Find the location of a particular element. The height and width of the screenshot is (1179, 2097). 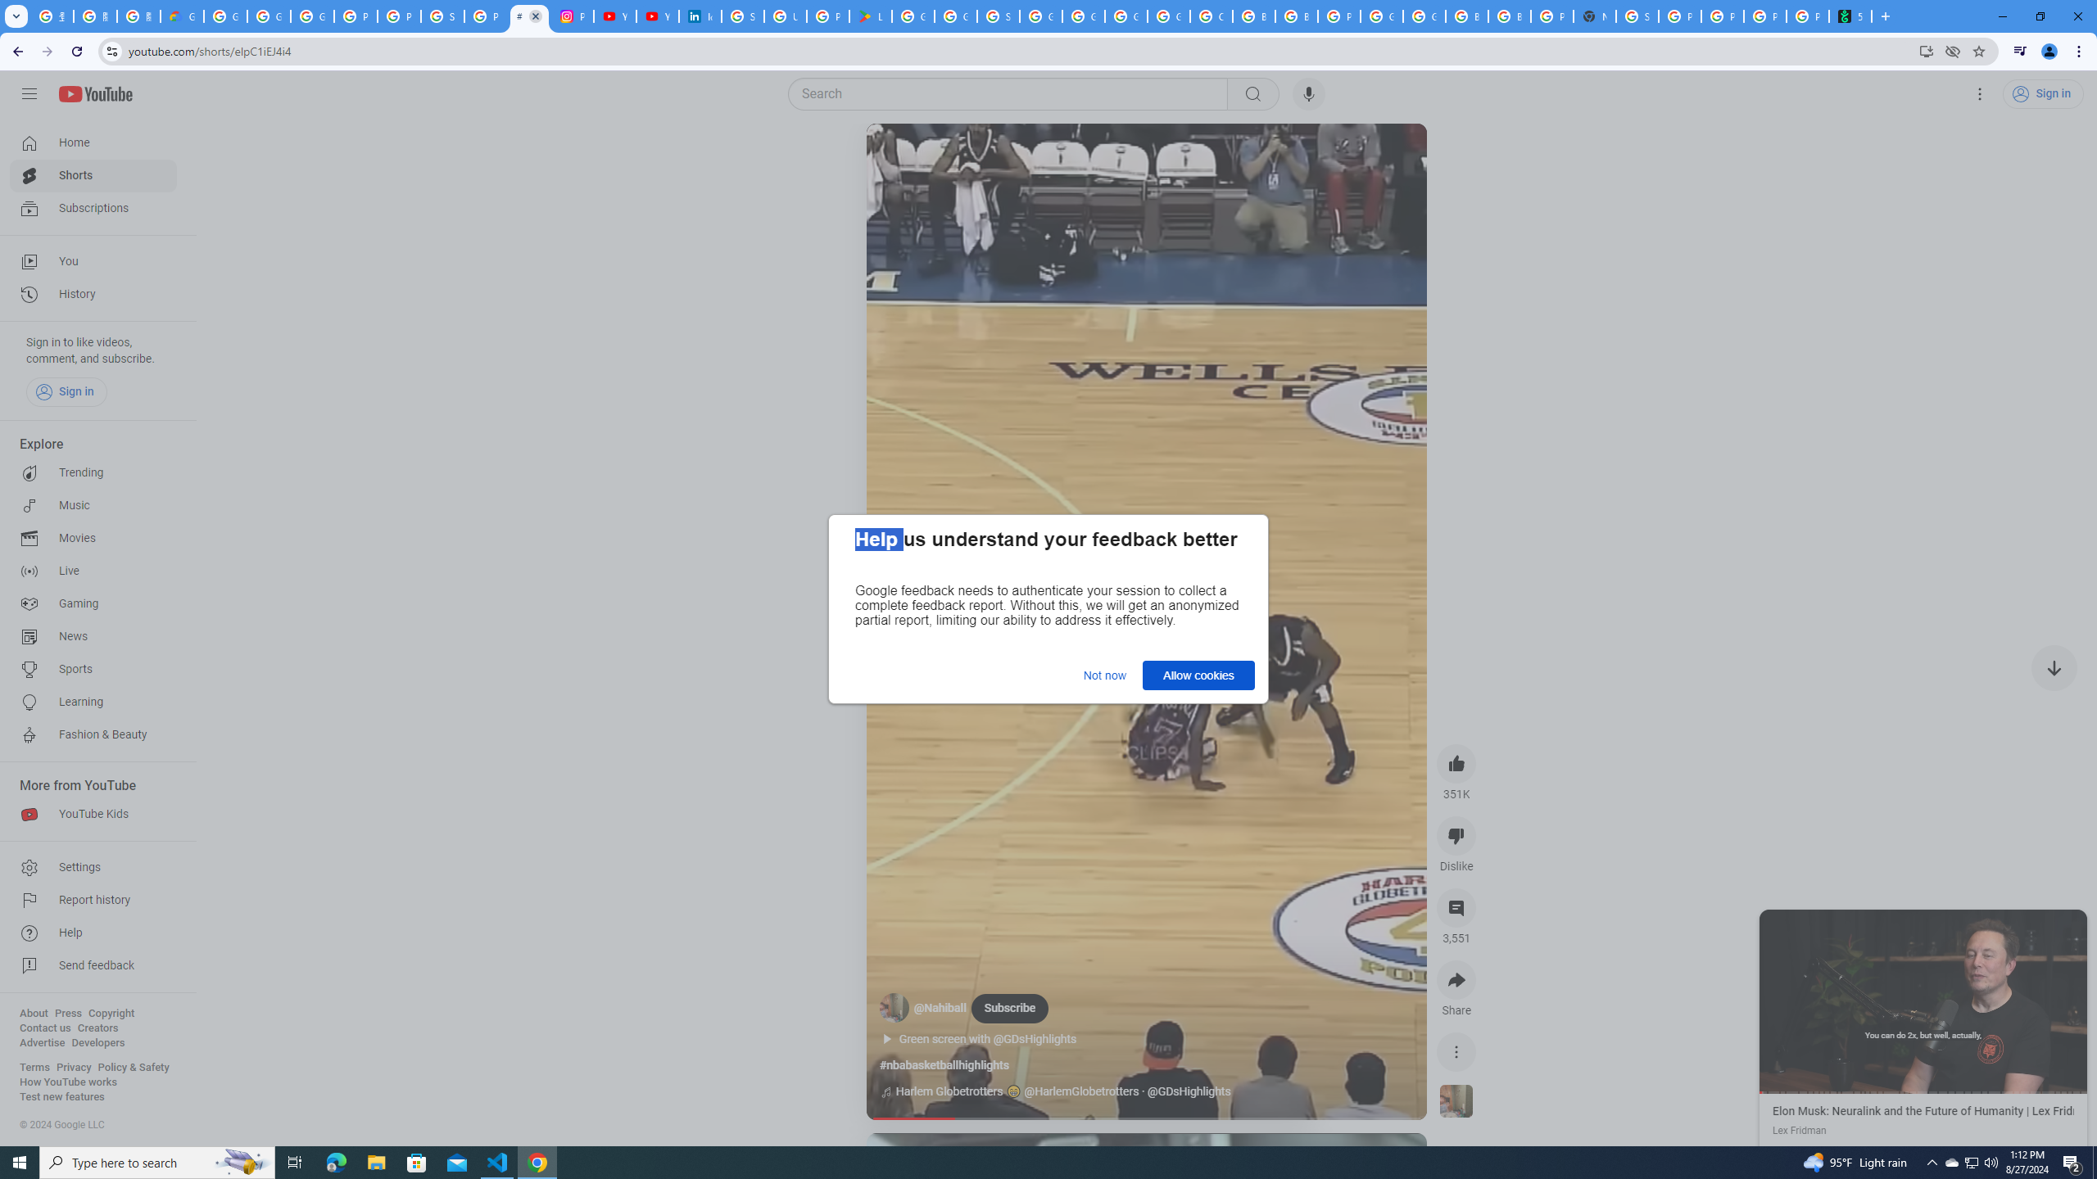

'YouTube Culture & Trends - On The Rise: Handcam Videos' is located at coordinates (614, 16).